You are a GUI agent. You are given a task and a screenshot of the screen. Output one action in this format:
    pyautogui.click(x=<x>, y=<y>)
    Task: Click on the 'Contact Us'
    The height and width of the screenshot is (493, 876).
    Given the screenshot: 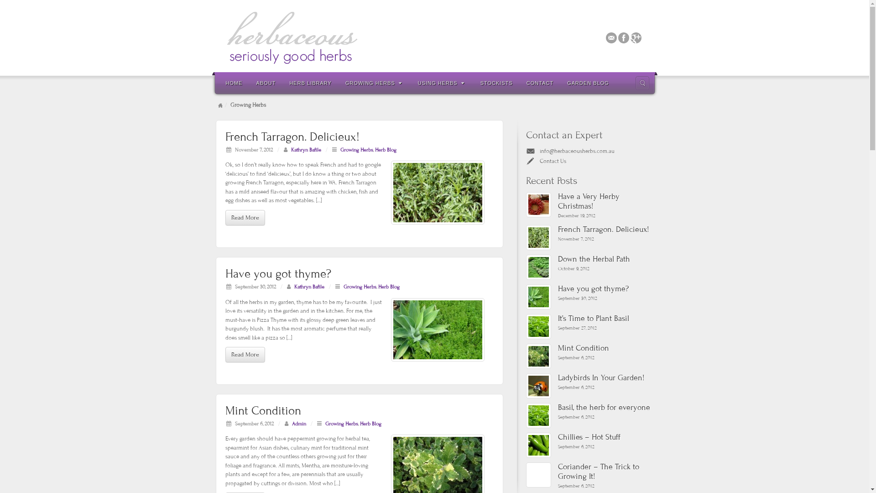 What is the action you would take?
    pyautogui.click(x=539, y=161)
    